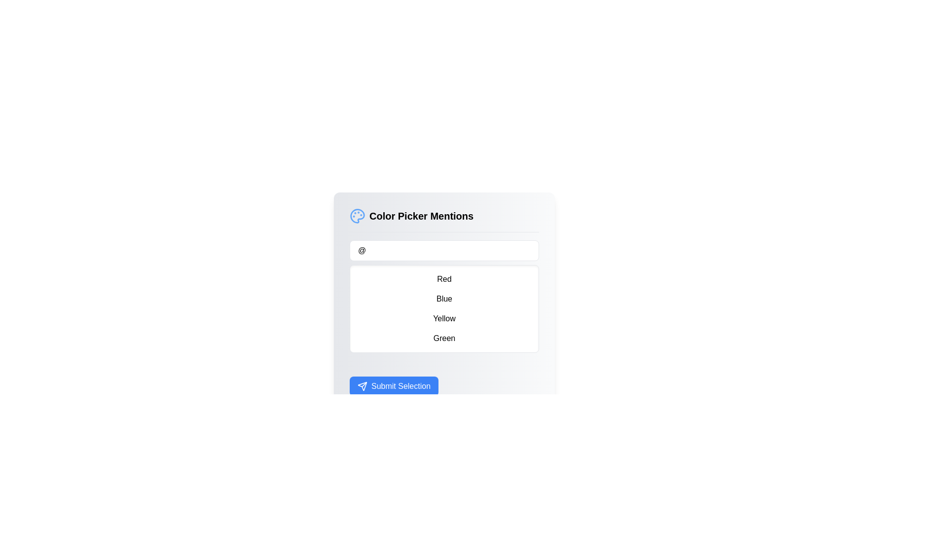 The height and width of the screenshot is (533, 947). I want to click on the button icon at the bottom-right corner of the form that symbolizes sending or submission actions, labeled 'Submit Selection.', so click(362, 386).